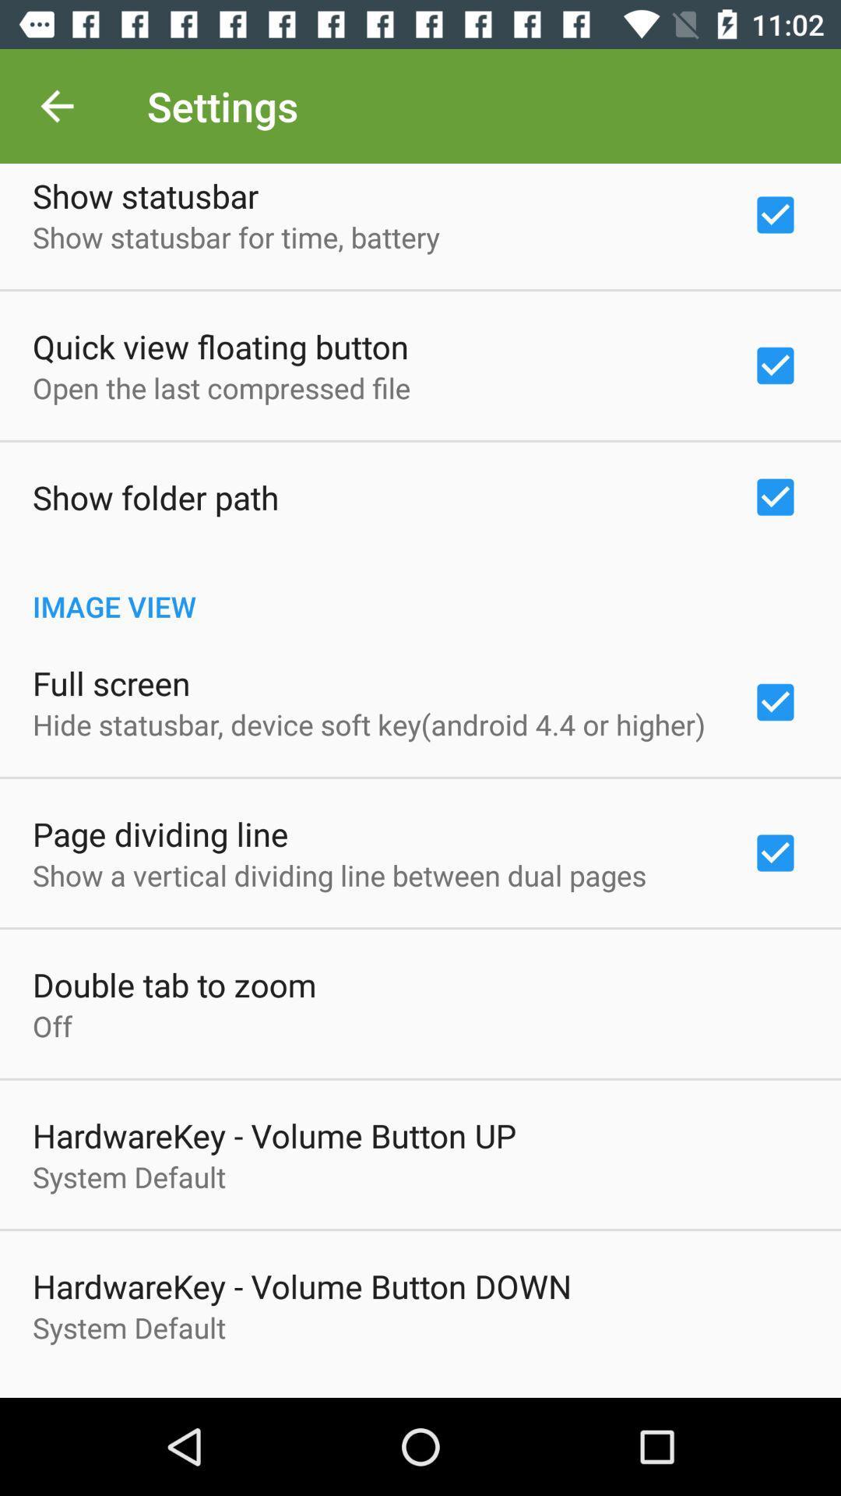 This screenshot has height=1496, width=841. What do you see at coordinates (174, 983) in the screenshot?
I see `the icon above the off item` at bounding box center [174, 983].